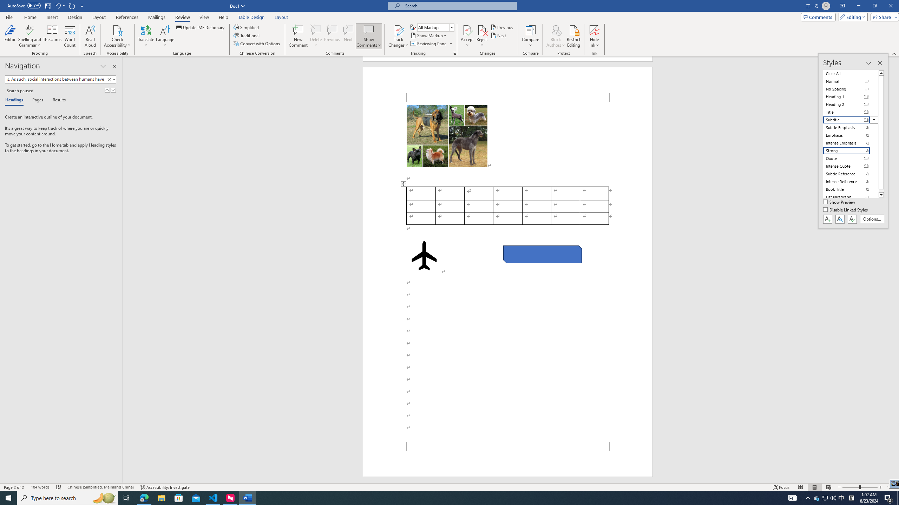  What do you see at coordinates (482, 29) in the screenshot?
I see `'Reject and Move to Next'` at bounding box center [482, 29].